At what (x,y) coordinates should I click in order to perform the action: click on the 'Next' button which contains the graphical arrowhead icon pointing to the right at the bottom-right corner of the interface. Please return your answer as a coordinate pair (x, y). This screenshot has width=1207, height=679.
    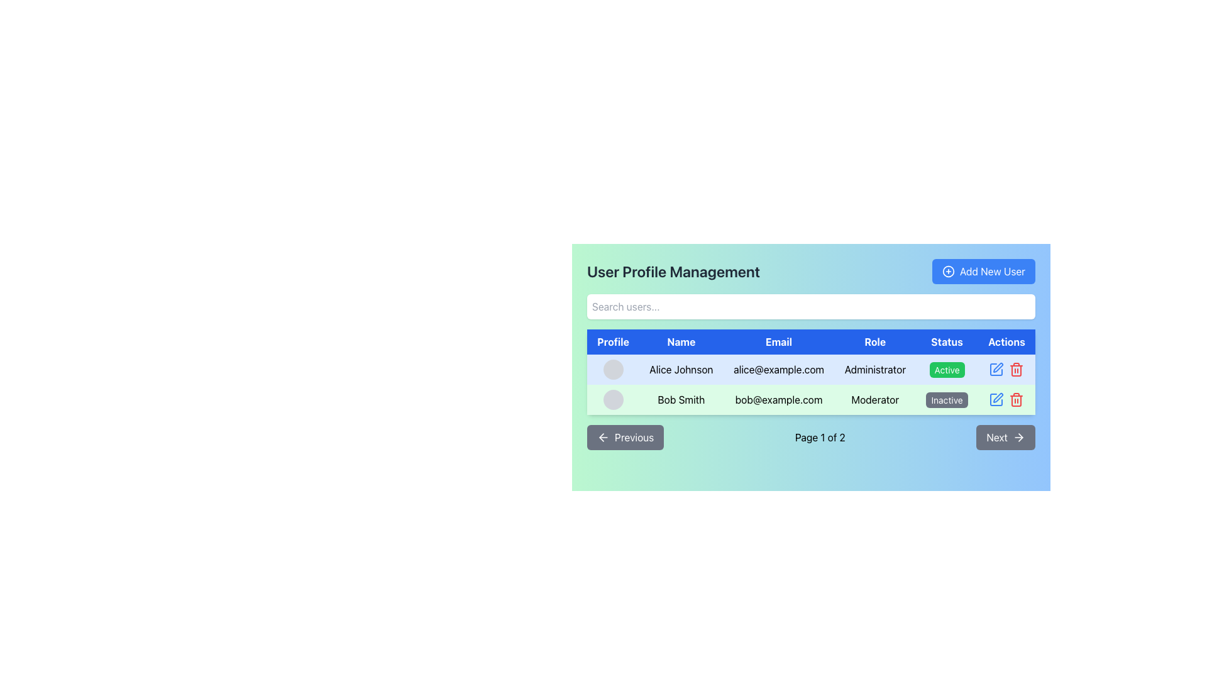
    Looking at the image, I should click on (1020, 436).